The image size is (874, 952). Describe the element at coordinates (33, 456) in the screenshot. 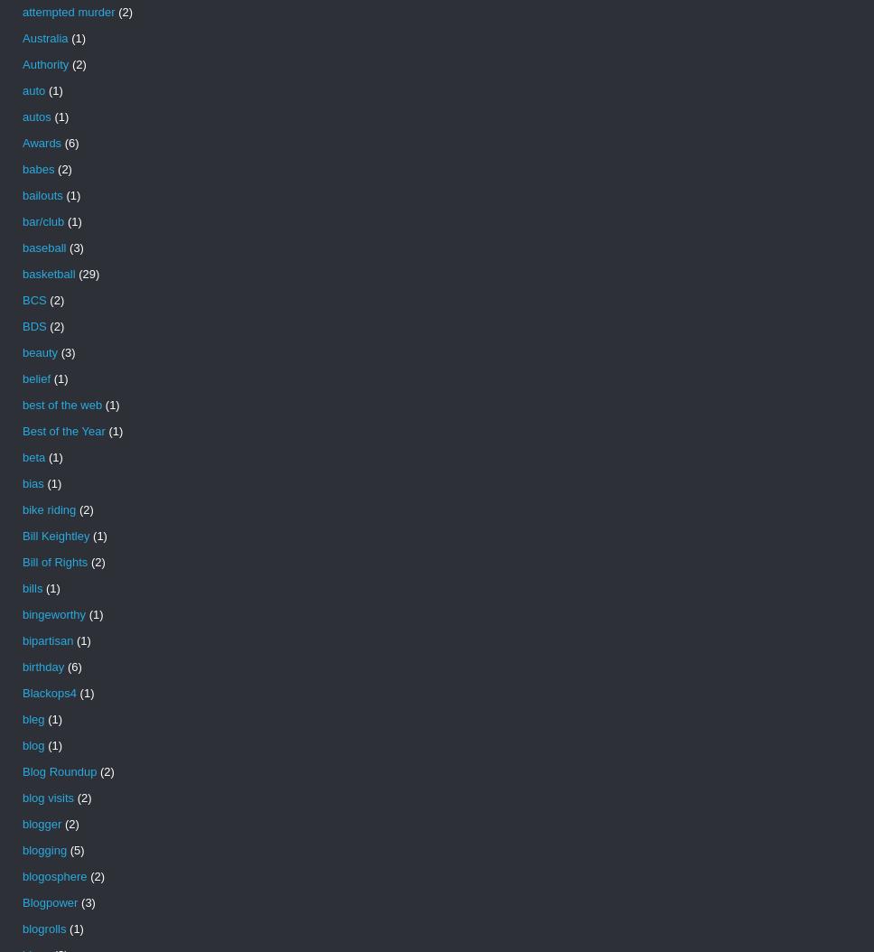

I see `'beta'` at that location.